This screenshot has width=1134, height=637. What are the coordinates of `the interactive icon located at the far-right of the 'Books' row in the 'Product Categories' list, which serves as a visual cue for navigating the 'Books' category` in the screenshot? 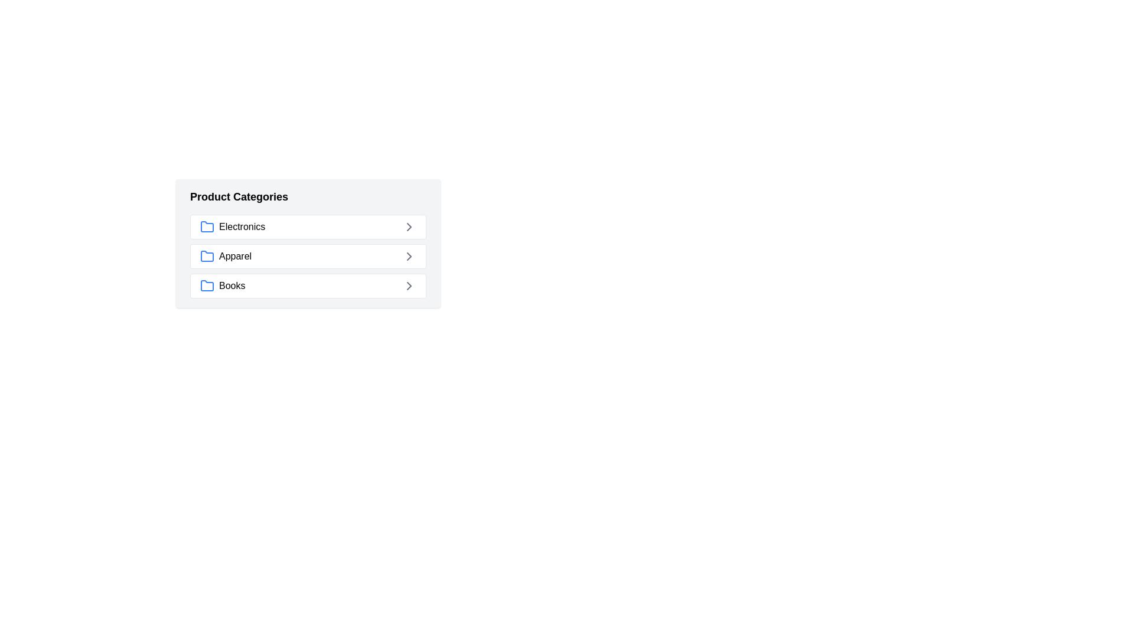 It's located at (409, 286).